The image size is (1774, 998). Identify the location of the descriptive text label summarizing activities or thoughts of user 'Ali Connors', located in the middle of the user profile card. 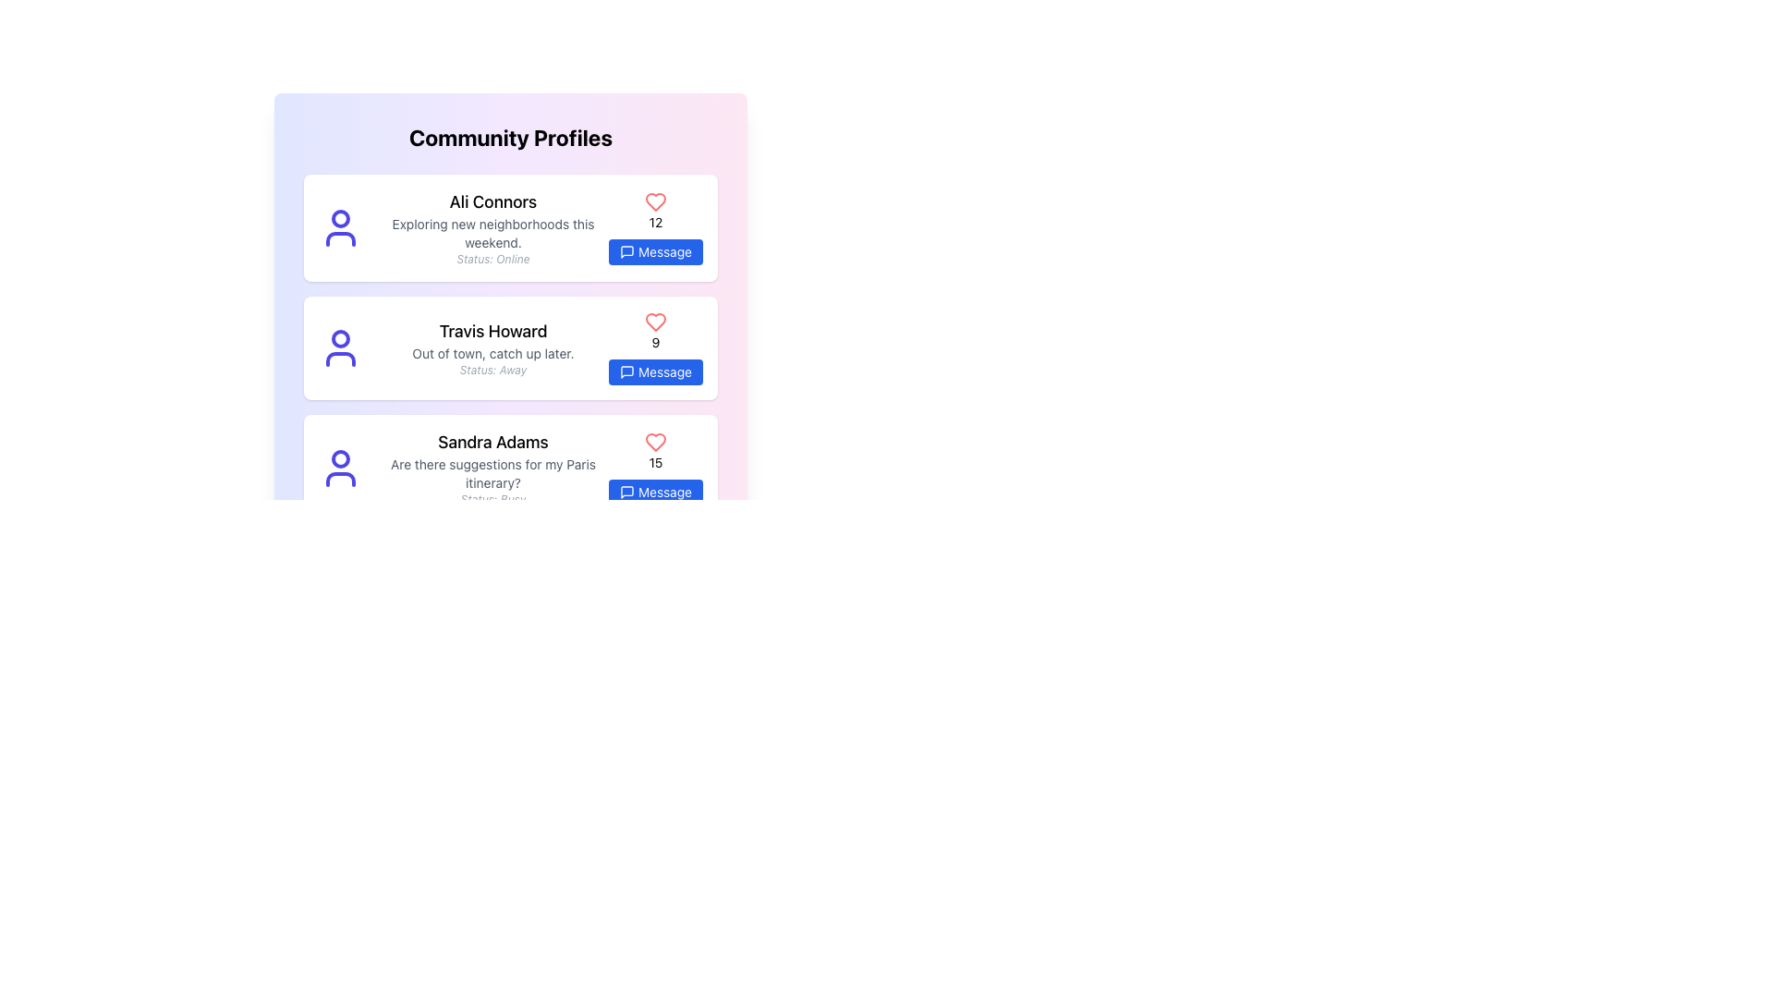
(492, 233).